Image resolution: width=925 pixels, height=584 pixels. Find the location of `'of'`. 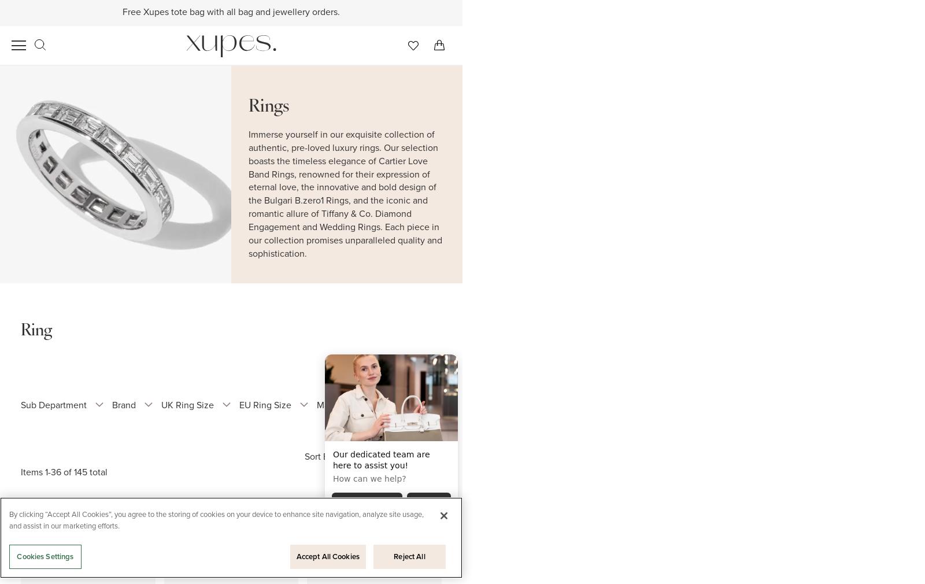

'of' is located at coordinates (66, 472).